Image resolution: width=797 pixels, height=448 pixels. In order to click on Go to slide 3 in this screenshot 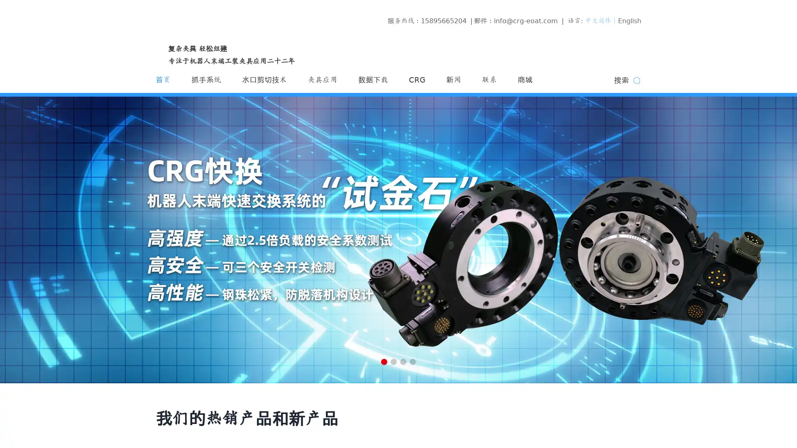, I will do `click(403, 361)`.